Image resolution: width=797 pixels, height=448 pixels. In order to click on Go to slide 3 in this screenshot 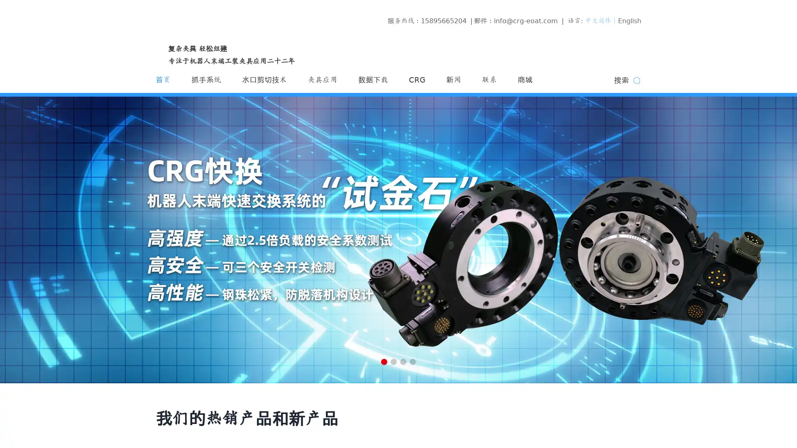, I will do `click(403, 361)`.